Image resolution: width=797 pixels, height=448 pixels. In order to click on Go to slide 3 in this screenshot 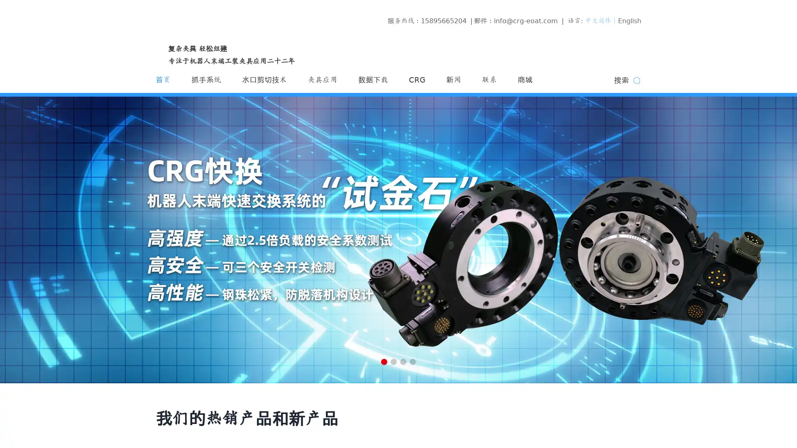, I will do `click(403, 361)`.